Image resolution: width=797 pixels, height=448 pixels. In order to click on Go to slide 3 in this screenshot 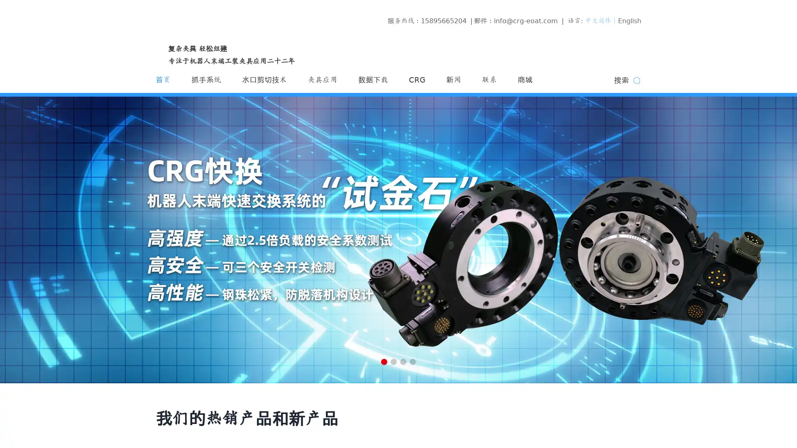, I will do `click(403, 361)`.